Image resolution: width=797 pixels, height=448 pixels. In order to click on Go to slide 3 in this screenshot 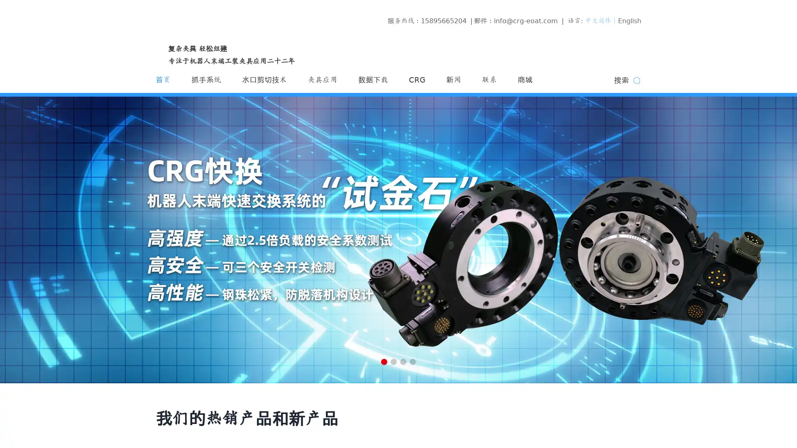, I will do `click(403, 361)`.